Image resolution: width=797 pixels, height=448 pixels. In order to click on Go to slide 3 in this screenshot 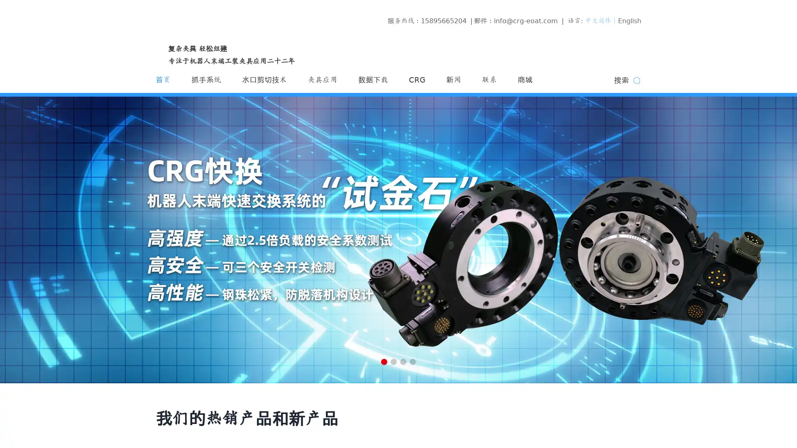, I will do `click(403, 361)`.